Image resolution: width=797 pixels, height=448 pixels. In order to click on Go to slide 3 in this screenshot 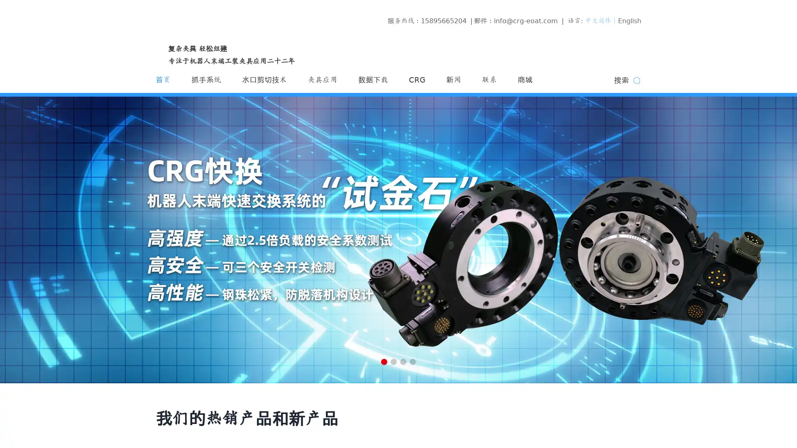, I will do `click(403, 361)`.